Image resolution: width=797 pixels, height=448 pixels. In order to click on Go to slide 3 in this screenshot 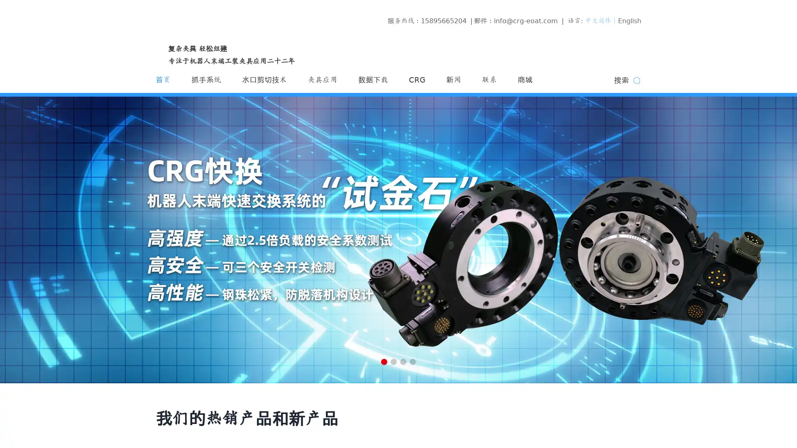, I will do `click(403, 361)`.